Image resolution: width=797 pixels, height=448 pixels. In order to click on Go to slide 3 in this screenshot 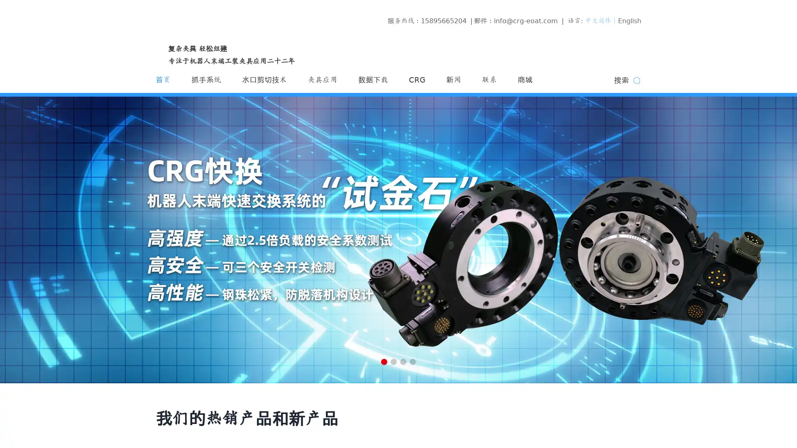, I will do `click(403, 361)`.